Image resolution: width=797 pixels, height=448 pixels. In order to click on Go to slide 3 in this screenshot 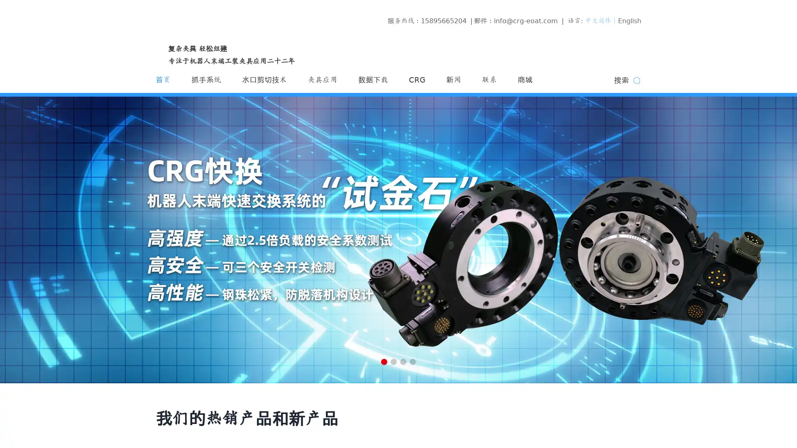, I will do `click(403, 361)`.